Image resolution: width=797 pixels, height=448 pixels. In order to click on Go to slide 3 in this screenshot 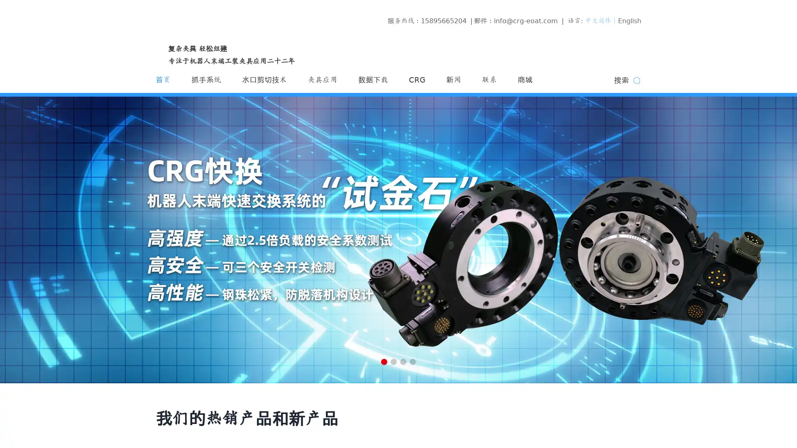, I will do `click(403, 361)`.